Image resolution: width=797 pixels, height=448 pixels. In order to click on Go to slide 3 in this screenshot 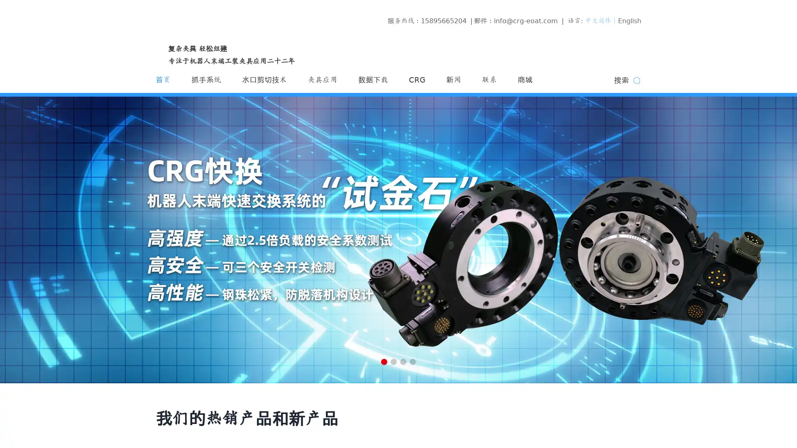, I will do `click(403, 361)`.